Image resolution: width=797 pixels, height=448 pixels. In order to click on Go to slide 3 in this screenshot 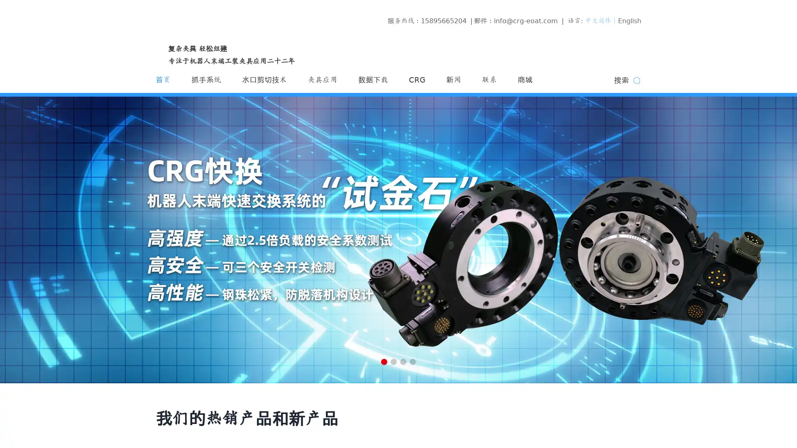, I will do `click(403, 361)`.